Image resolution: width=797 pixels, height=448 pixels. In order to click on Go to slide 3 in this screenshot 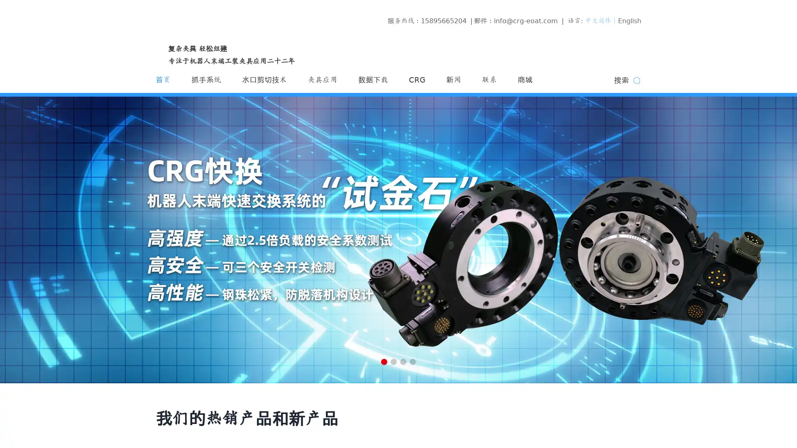, I will do `click(403, 361)`.